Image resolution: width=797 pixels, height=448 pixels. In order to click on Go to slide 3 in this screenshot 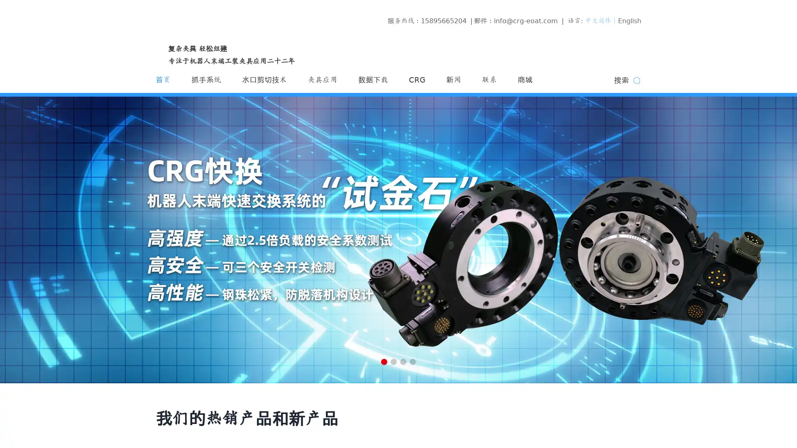, I will do `click(403, 361)`.